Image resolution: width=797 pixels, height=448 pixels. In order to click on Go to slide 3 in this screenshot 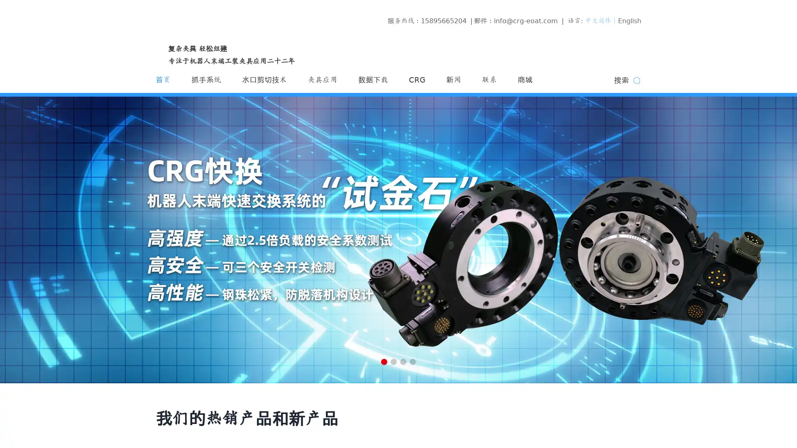, I will do `click(403, 361)`.